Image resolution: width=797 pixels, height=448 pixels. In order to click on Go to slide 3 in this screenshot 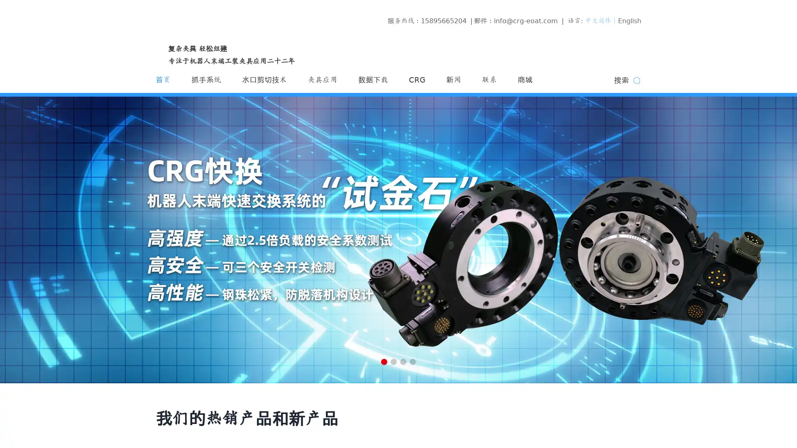, I will do `click(403, 361)`.